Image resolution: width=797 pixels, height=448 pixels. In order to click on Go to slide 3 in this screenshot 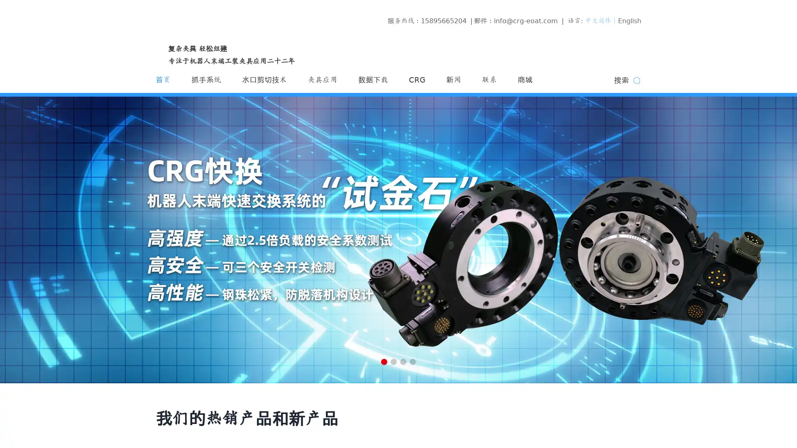, I will do `click(403, 361)`.